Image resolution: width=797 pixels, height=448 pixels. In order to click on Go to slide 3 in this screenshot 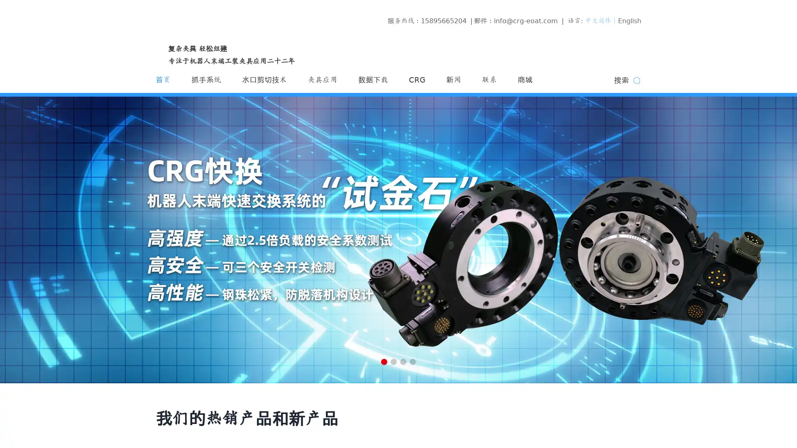, I will do `click(403, 361)`.